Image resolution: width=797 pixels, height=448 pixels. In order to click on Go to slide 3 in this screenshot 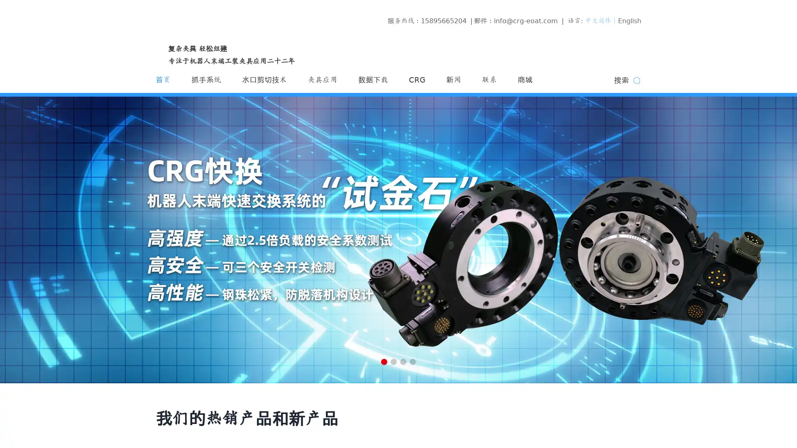, I will do `click(403, 361)`.